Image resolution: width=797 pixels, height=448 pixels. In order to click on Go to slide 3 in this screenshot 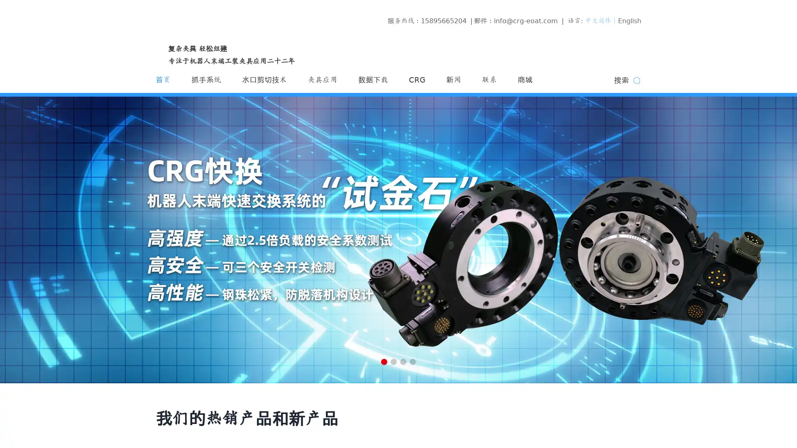, I will do `click(403, 361)`.